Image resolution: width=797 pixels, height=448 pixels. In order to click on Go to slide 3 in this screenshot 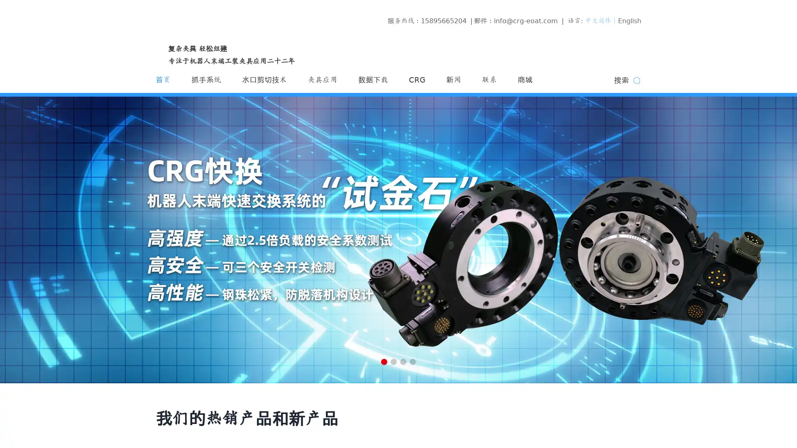, I will do `click(403, 361)`.